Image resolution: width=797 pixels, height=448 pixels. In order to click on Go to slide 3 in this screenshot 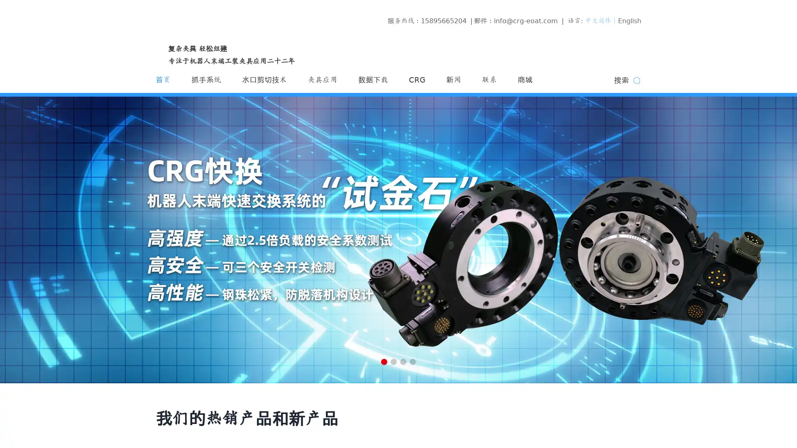, I will do `click(403, 361)`.